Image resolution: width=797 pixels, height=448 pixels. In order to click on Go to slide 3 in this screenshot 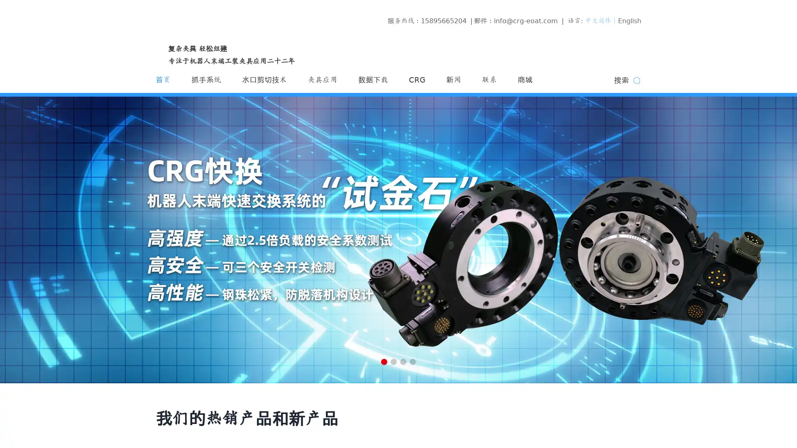, I will do `click(403, 361)`.